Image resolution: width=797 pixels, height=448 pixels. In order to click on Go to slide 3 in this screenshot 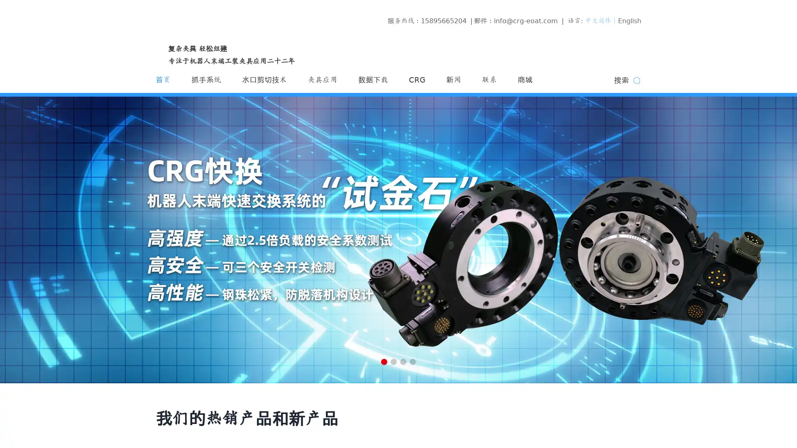, I will do `click(403, 361)`.